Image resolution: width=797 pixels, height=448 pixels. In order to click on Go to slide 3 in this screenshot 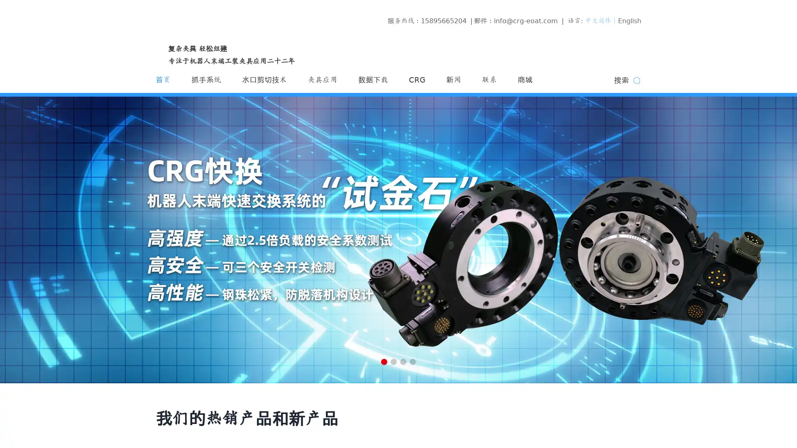, I will do `click(403, 361)`.